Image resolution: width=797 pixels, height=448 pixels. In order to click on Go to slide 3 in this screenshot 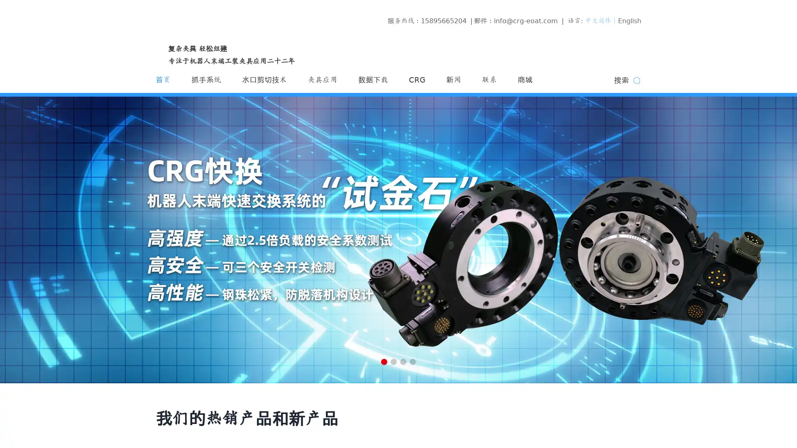, I will do `click(403, 361)`.